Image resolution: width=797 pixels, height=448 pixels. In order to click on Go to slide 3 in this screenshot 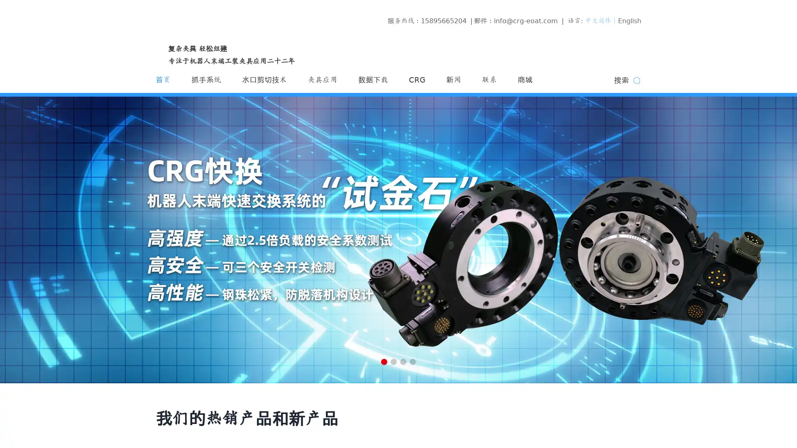, I will do `click(403, 361)`.